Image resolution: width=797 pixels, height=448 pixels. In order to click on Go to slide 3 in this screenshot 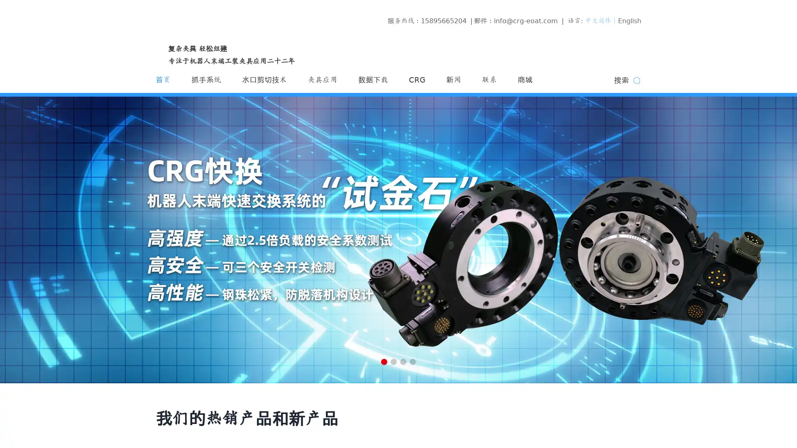, I will do `click(403, 361)`.